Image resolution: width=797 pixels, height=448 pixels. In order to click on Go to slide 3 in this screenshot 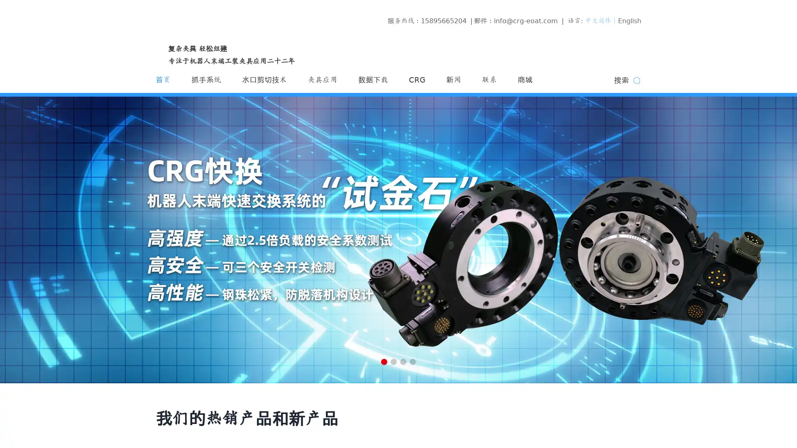, I will do `click(403, 361)`.